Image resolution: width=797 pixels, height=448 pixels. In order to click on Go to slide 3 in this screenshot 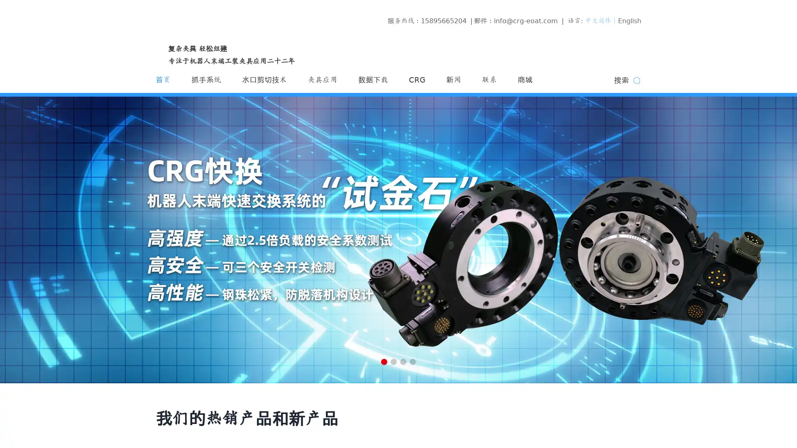, I will do `click(403, 361)`.